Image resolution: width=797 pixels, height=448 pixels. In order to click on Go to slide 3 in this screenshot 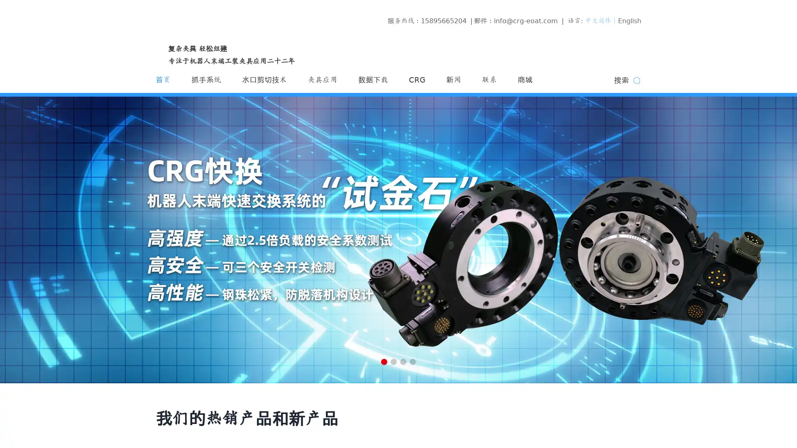, I will do `click(403, 361)`.